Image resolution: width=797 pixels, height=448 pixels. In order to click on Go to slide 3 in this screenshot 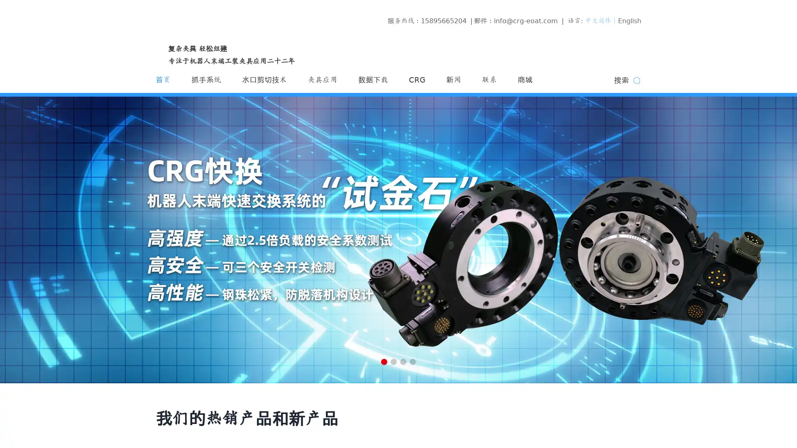, I will do `click(403, 361)`.